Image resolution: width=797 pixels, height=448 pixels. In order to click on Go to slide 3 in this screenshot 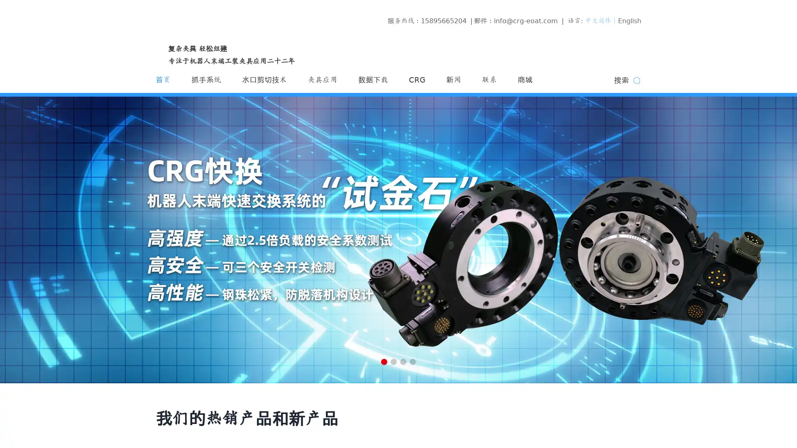, I will do `click(403, 361)`.